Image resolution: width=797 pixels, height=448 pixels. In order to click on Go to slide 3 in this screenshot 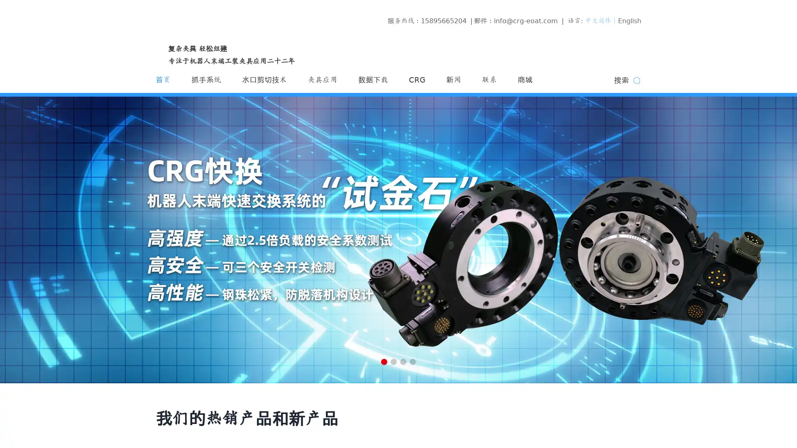, I will do `click(403, 361)`.